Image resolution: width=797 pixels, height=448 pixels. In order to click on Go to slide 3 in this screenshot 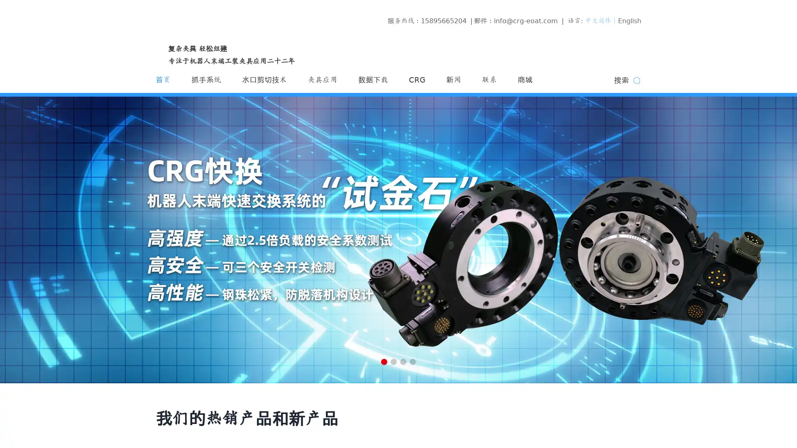, I will do `click(403, 361)`.